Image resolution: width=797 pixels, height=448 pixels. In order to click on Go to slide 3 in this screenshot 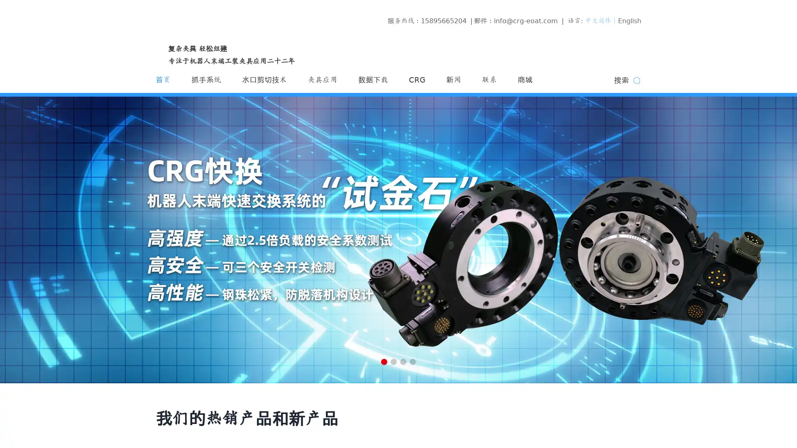, I will do `click(403, 361)`.